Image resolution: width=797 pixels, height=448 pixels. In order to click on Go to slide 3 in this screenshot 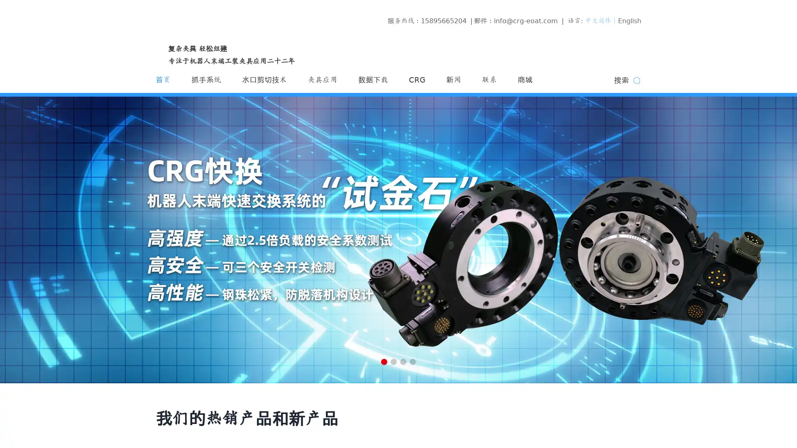, I will do `click(403, 361)`.